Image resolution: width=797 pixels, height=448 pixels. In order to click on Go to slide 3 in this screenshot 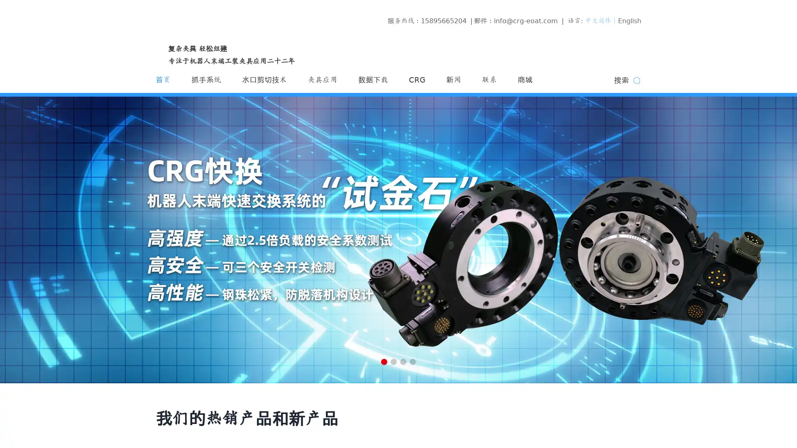, I will do `click(403, 361)`.